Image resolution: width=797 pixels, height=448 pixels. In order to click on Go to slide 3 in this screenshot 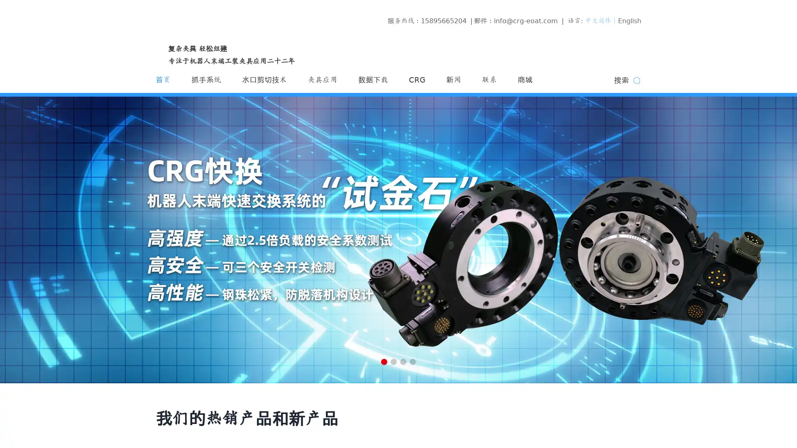, I will do `click(403, 361)`.